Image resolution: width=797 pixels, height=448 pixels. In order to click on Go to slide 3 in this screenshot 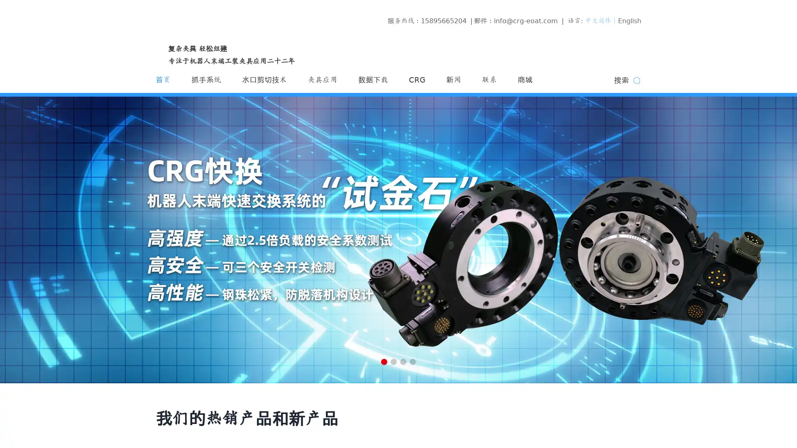, I will do `click(403, 361)`.